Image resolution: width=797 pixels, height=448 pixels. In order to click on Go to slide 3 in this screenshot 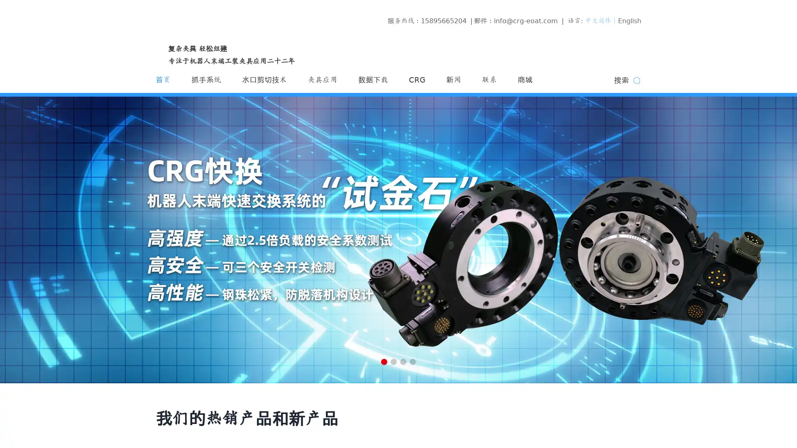, I will do `click(403, 361)`.